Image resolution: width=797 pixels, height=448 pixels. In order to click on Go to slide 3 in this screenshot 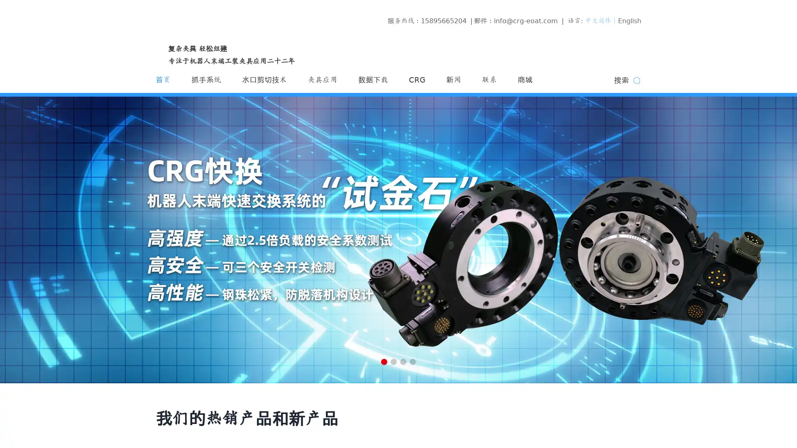, I will do `click(403, 361)`.